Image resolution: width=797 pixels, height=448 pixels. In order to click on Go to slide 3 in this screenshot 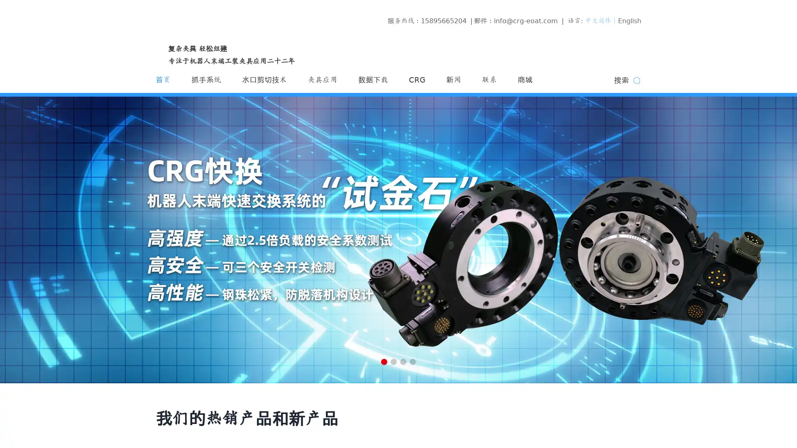, I will do `click(403, 361)`.